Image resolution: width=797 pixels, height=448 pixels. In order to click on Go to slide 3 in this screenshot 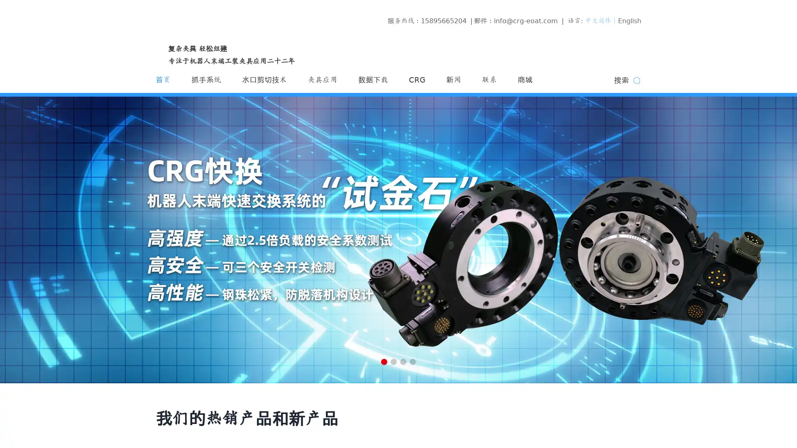, I will do `click(403, 361)`.